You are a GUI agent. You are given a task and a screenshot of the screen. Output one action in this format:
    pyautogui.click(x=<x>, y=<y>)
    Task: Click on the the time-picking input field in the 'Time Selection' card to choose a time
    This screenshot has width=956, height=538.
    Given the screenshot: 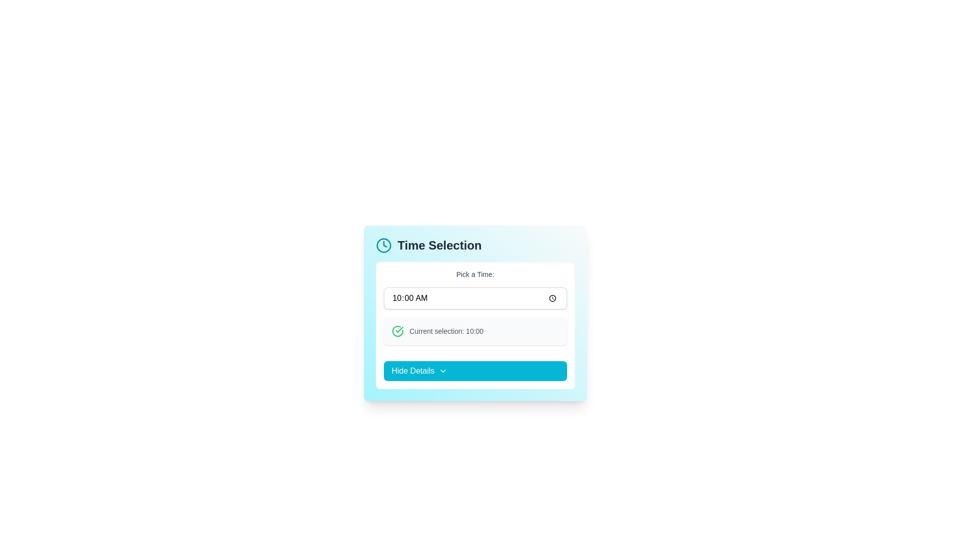 What is the action you would take?
    pyautogui.click(x=475, y=312)
    